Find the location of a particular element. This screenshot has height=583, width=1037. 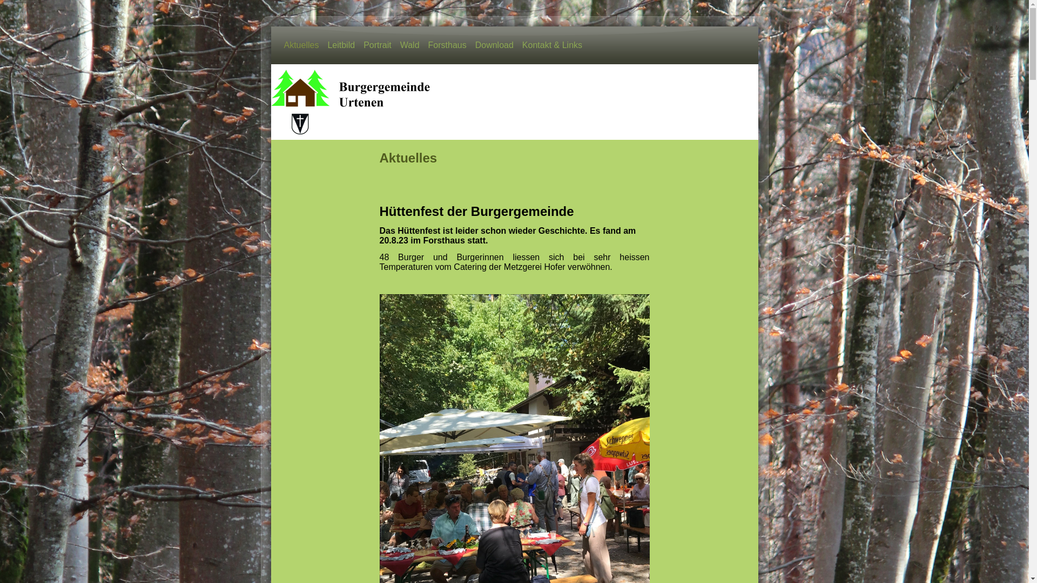

'Aktuelles' is located at coordinates (301, 45).